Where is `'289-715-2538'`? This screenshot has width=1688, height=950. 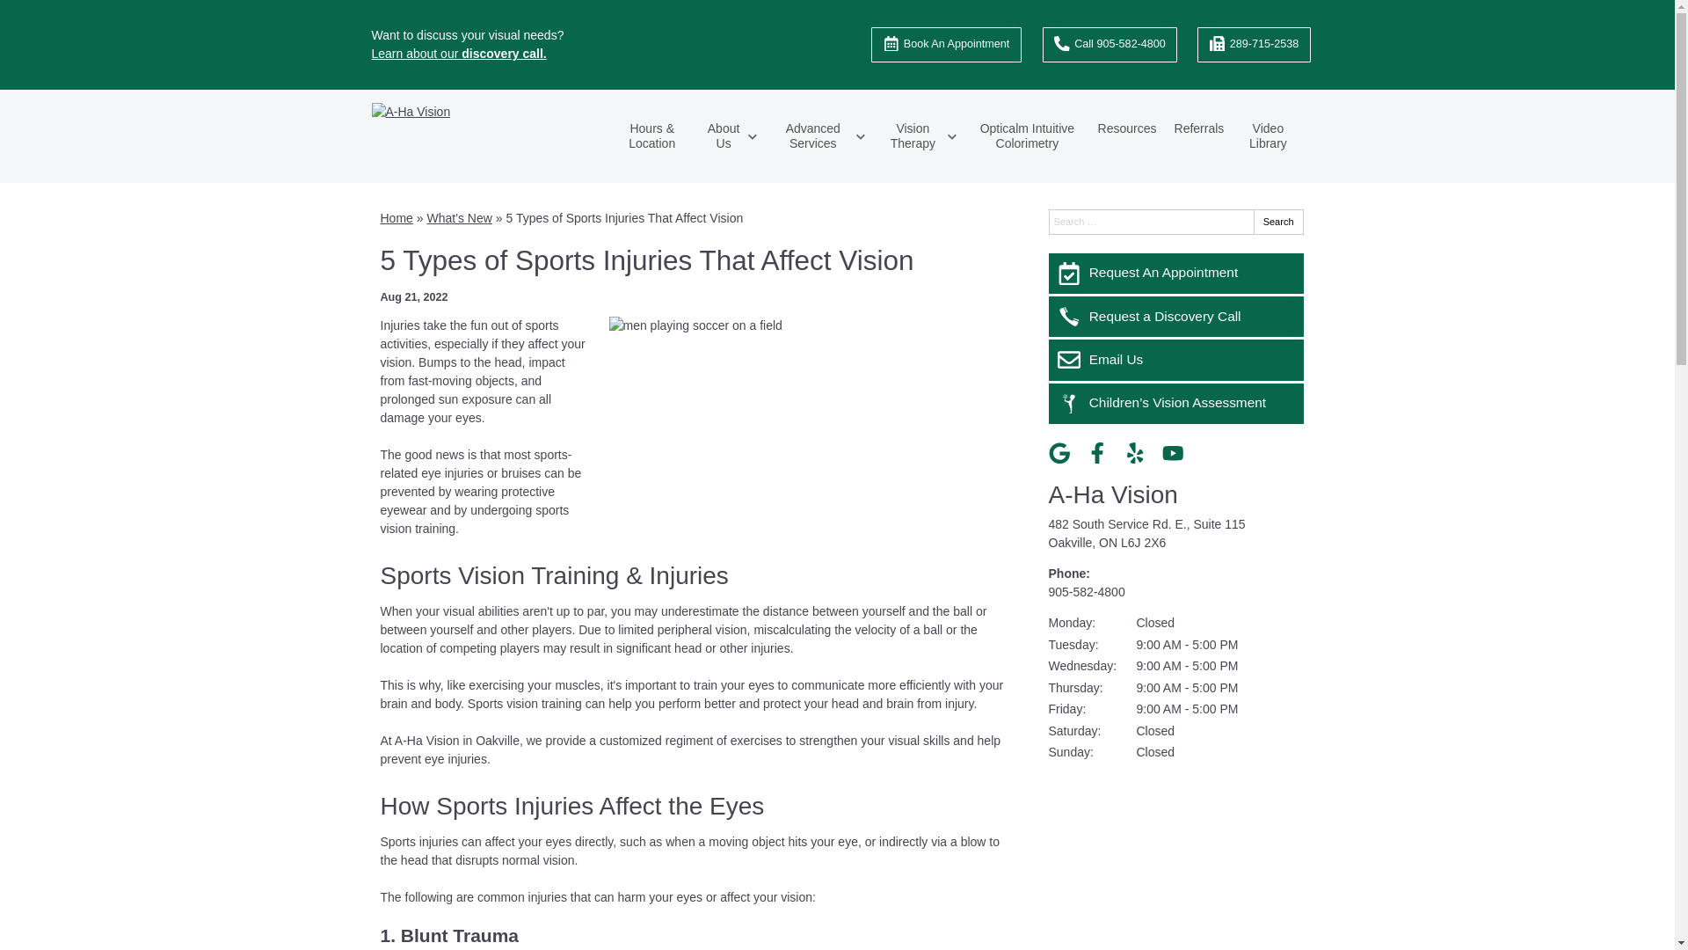
'289-715-2538' is located at coordinates (1253, 43).